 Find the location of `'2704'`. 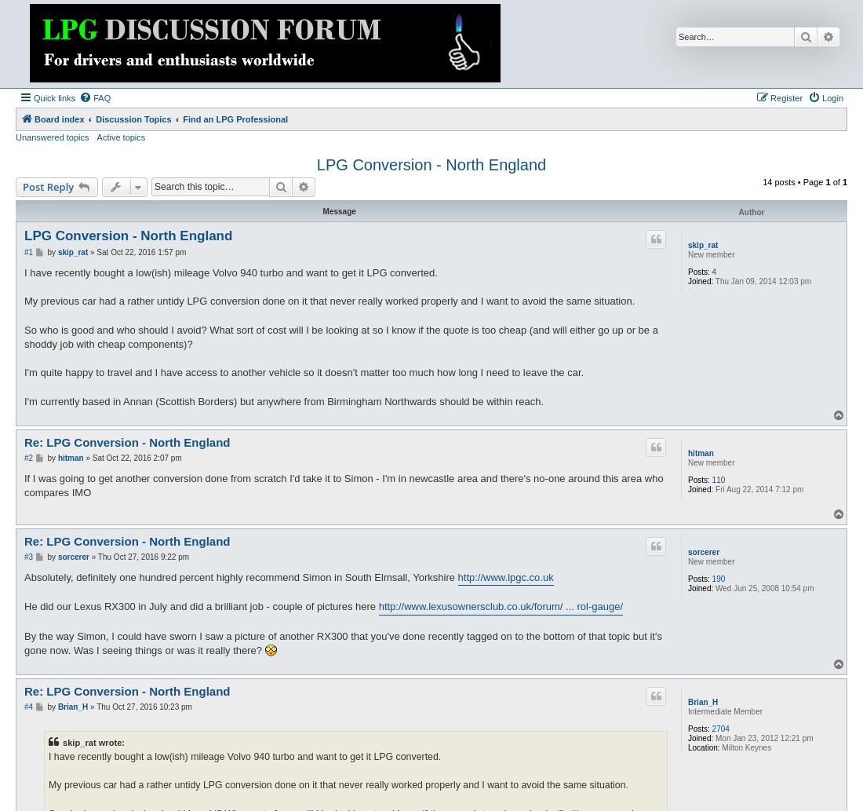

'2704' is located at coordinates (719, 728).